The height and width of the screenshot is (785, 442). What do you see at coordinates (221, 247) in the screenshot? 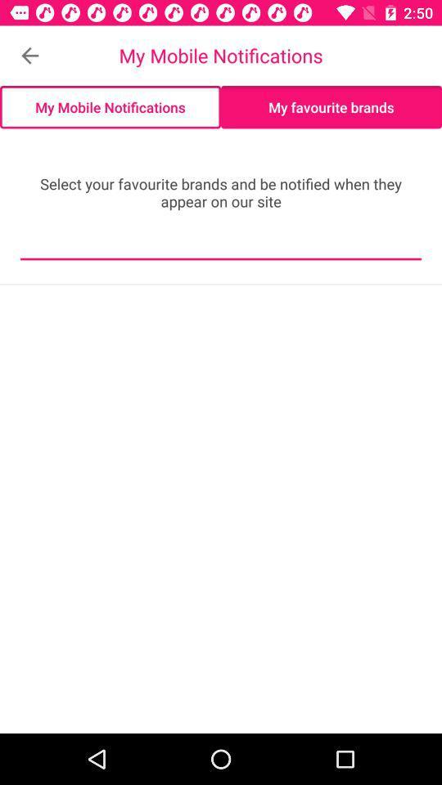
I see `brand name` at bounding box center [221, 247].